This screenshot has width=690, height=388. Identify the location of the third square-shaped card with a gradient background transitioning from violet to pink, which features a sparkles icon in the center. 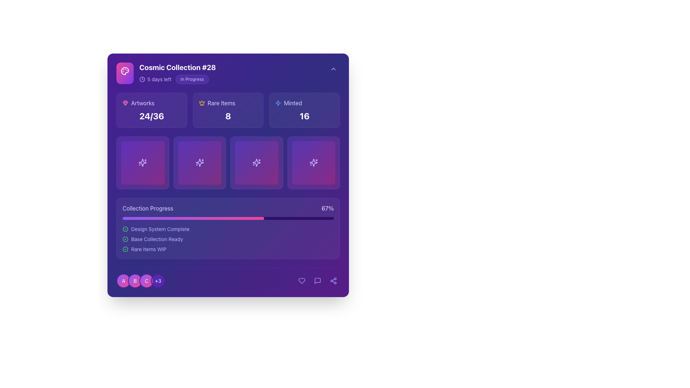
(257, 163).